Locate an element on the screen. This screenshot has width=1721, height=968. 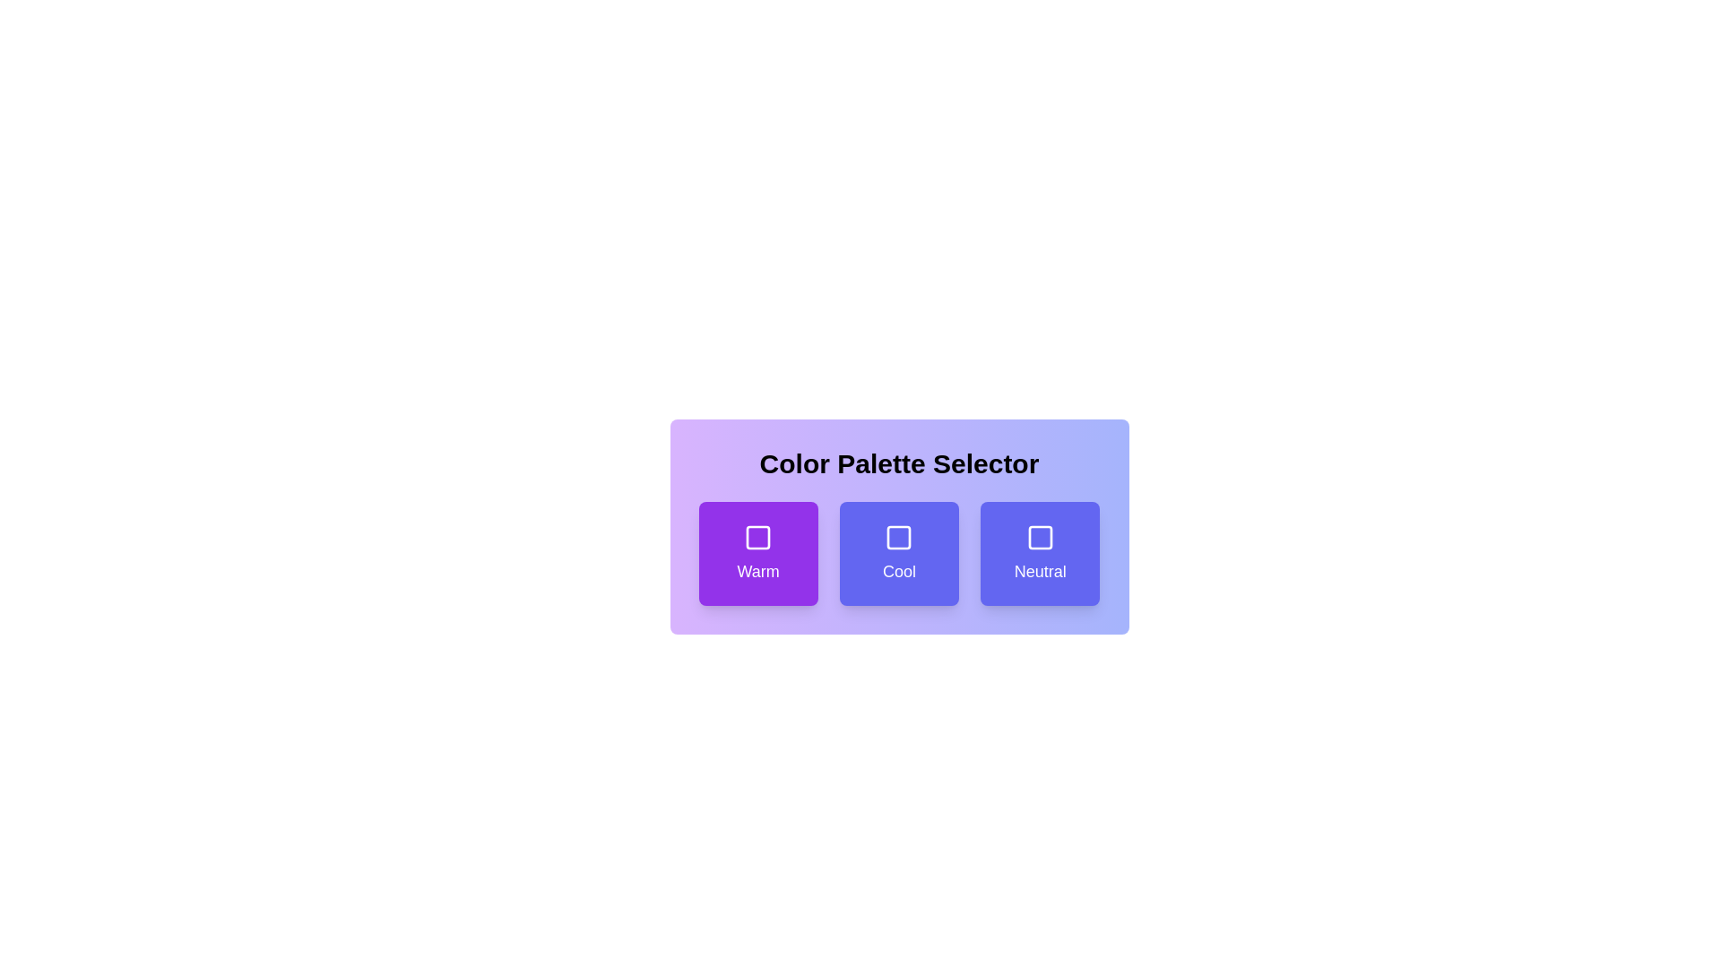
the Warm button to see the hover effect is located at coordinates (757, 552).